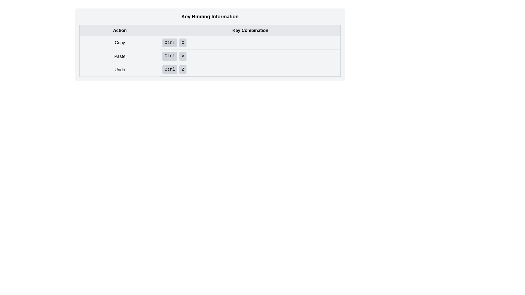 Image resolution: width=525 pixels, height=295 pixels. Describe the element at coordinates (183, 43) in the screenshot. I see `the interactive key indicator representing the action key 'C' in the 'Copy' command located in the second column of the 'Copy' row within the 'Key Binding Information' table` at that location.